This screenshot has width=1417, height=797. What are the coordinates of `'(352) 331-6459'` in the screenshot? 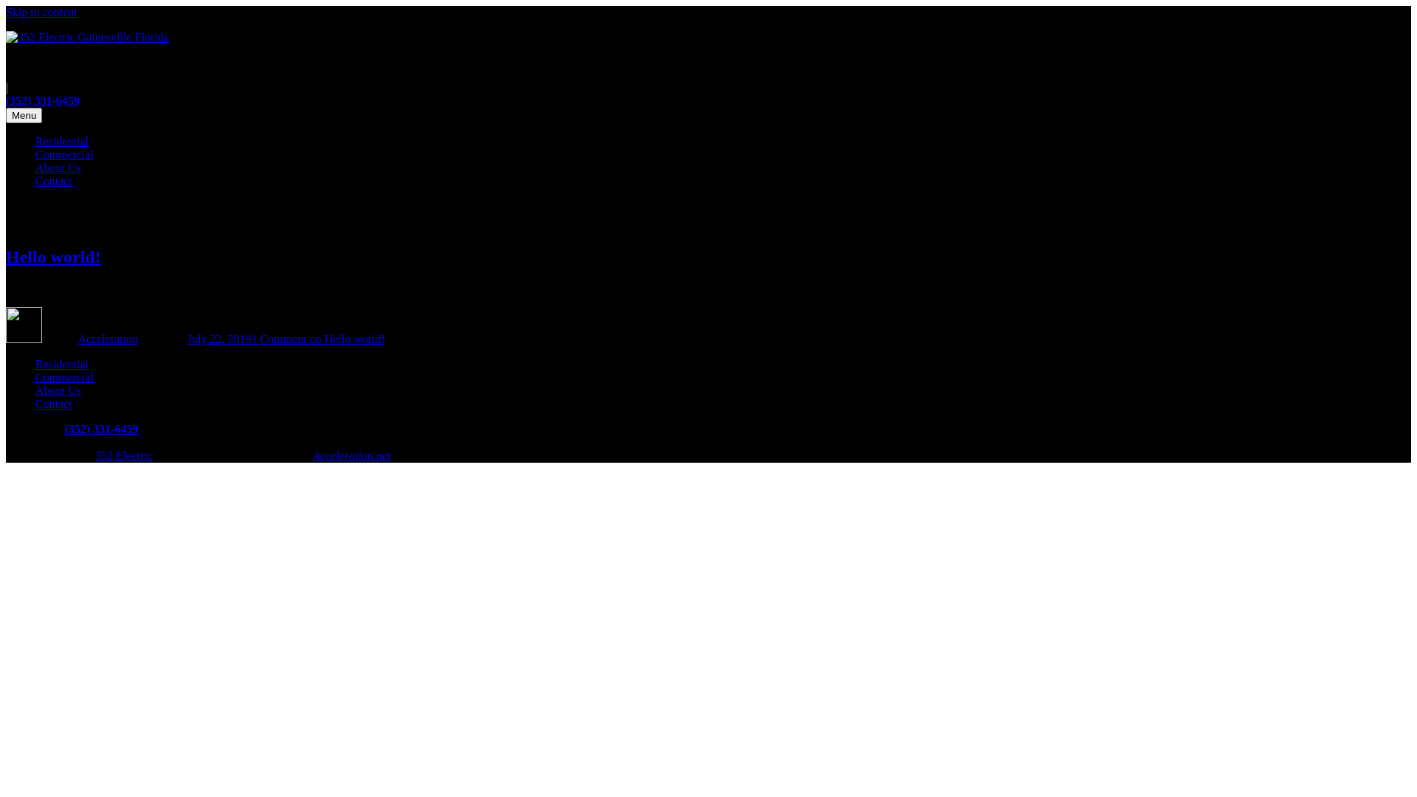 It's located at (63, 429).